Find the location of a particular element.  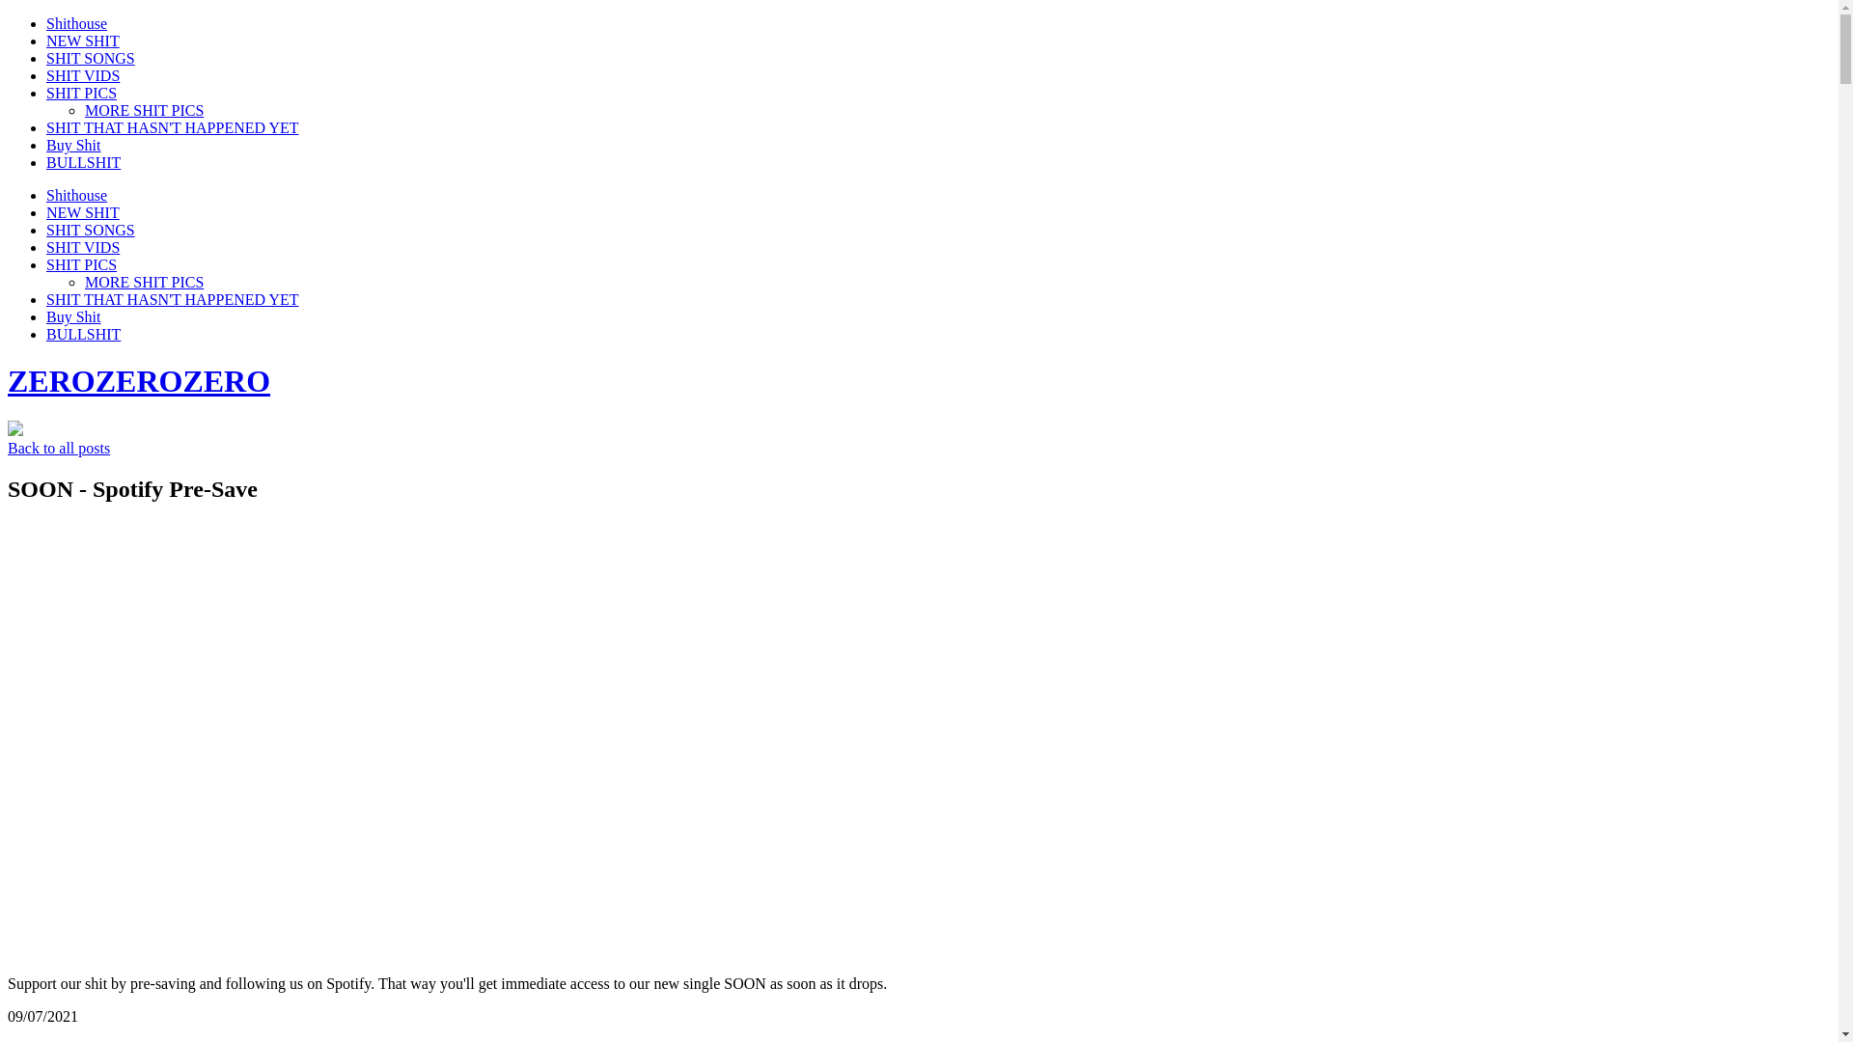

'NEW SHIT' is located at coordinates (46, 212).